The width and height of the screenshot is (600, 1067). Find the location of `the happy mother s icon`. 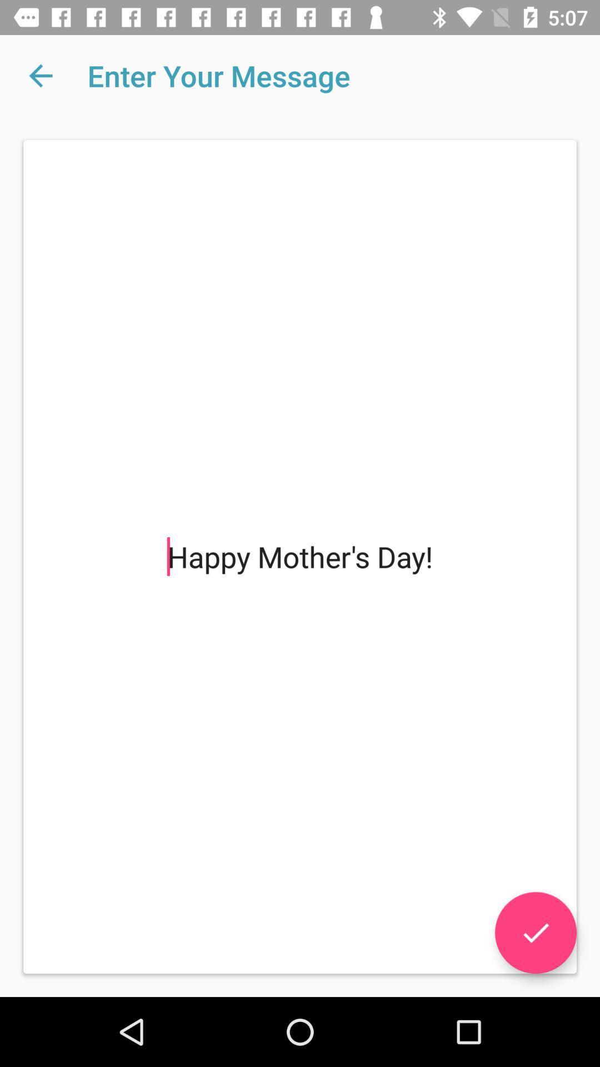

the happy mother s icon is located at coordinates (300, 557).